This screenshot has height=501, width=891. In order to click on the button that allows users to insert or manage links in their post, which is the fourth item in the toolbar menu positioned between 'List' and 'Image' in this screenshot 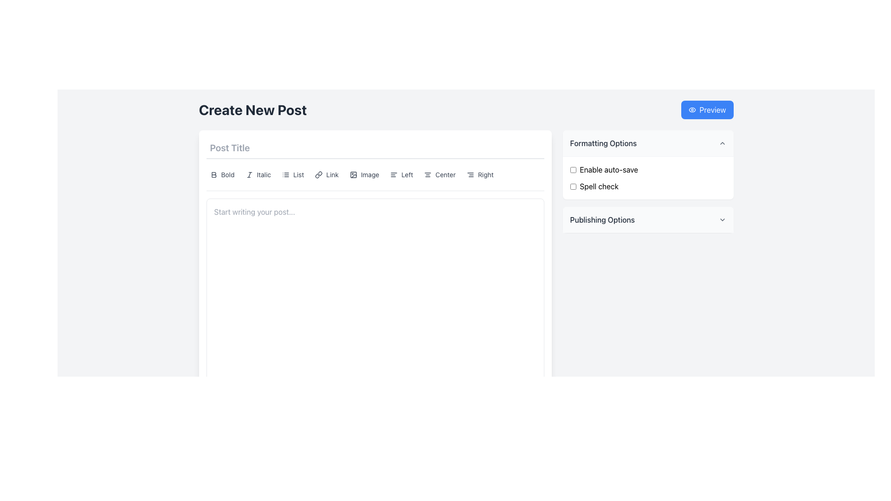, I will do `click(327, 175)`.